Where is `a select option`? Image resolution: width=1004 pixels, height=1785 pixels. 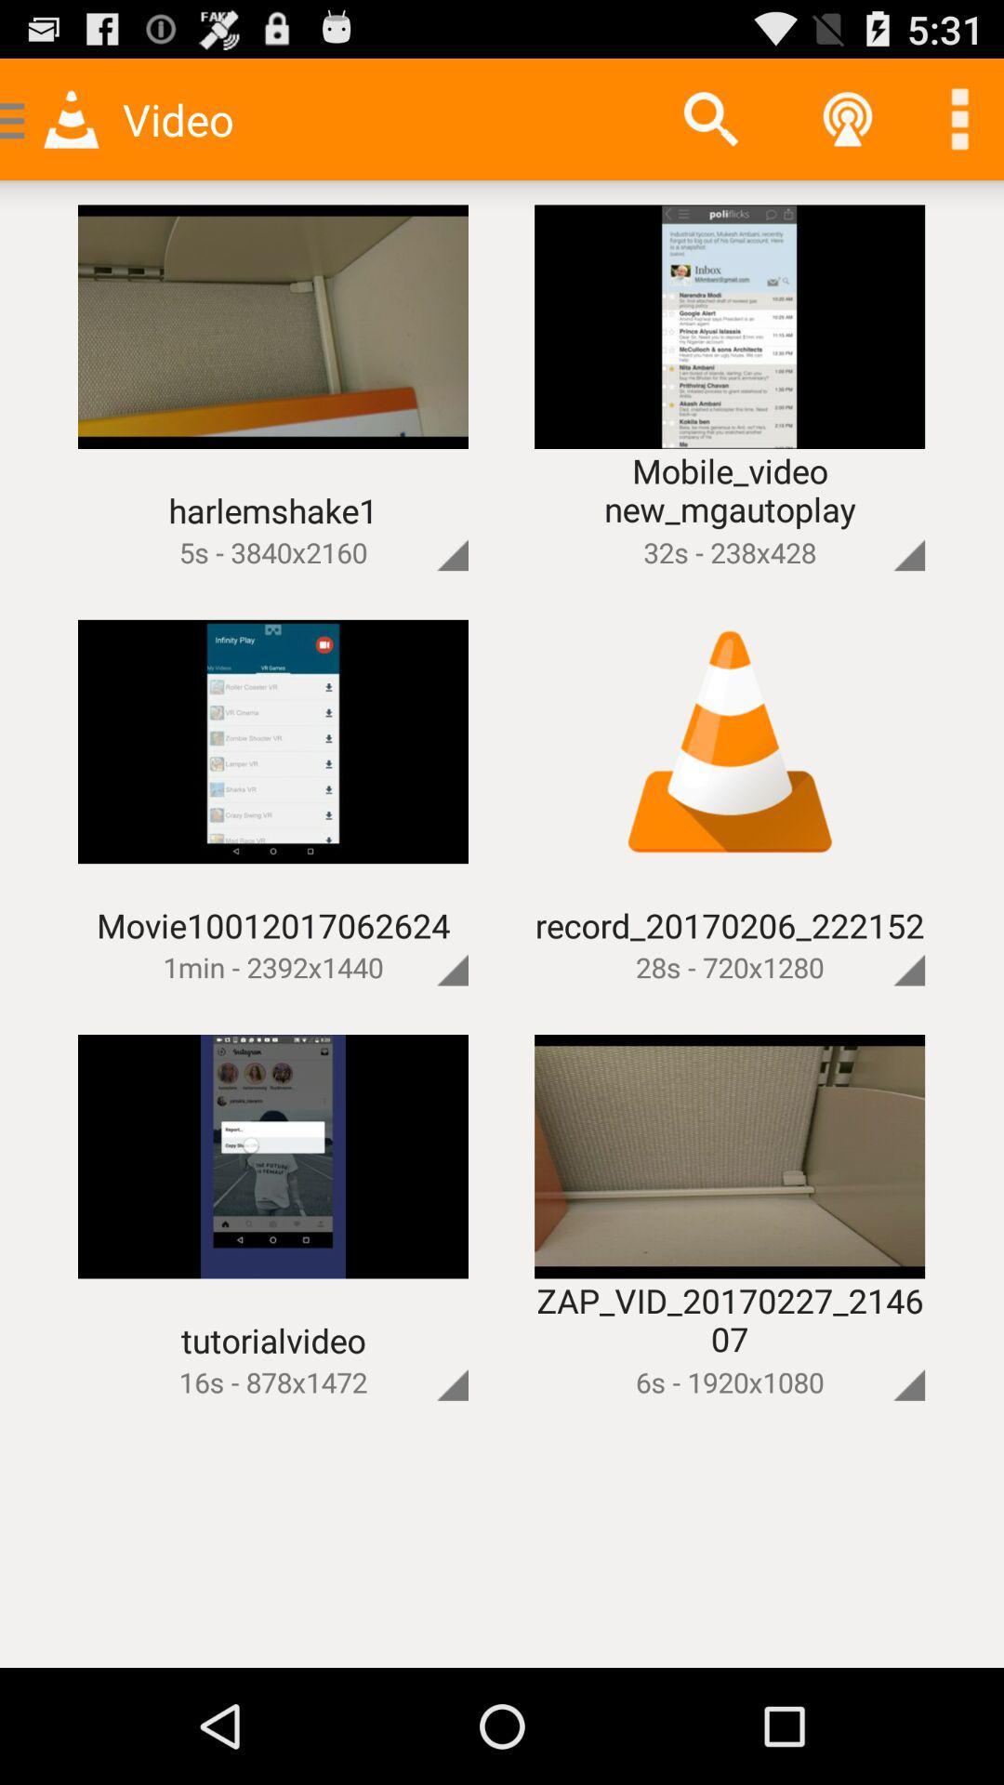 a select option is located at coordinates (878, 1354).